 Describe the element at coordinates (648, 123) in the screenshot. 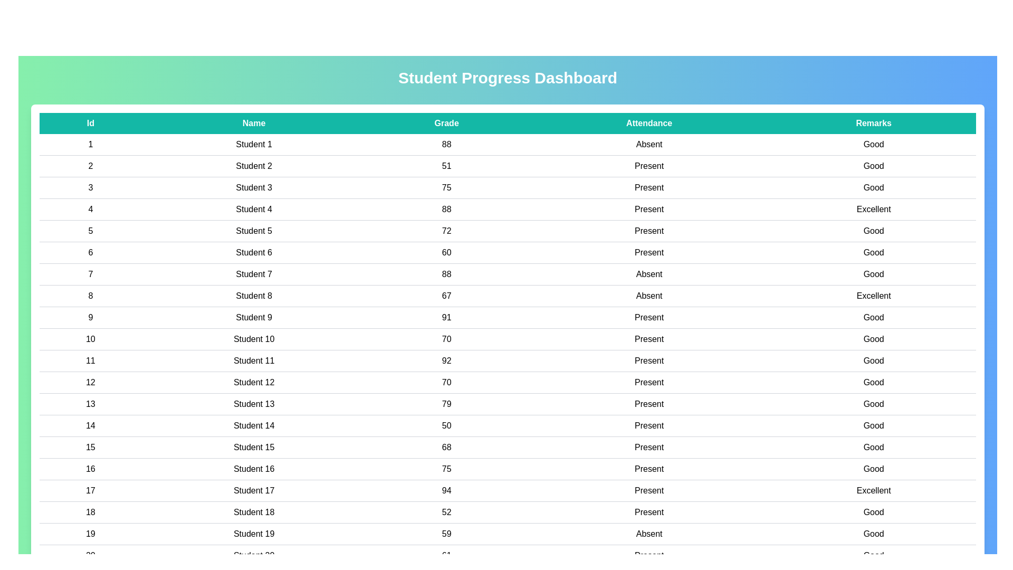

I see `the column header Attendance to sort the table by that column` at that location.